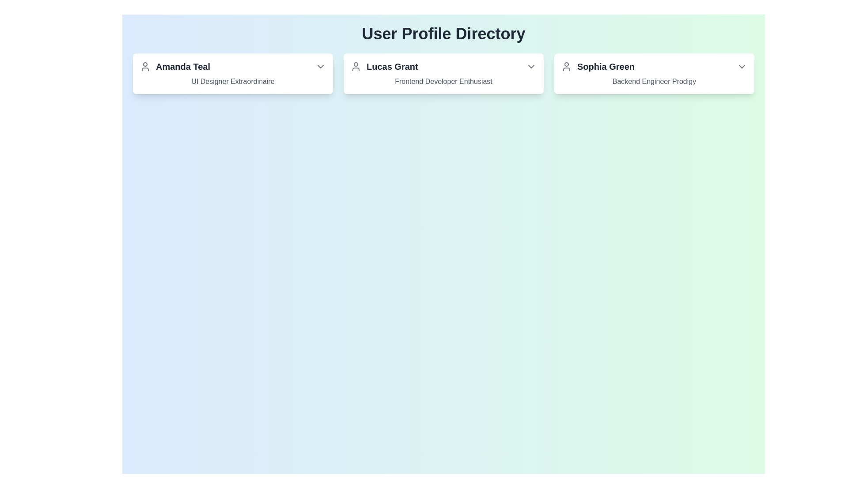  What do you see at coordinates (320, 66) in the screenshot?
I see `the chevron down icon located at the rightmost position of the 'Amanda Teal' profile` at bounding box center [320, 66].